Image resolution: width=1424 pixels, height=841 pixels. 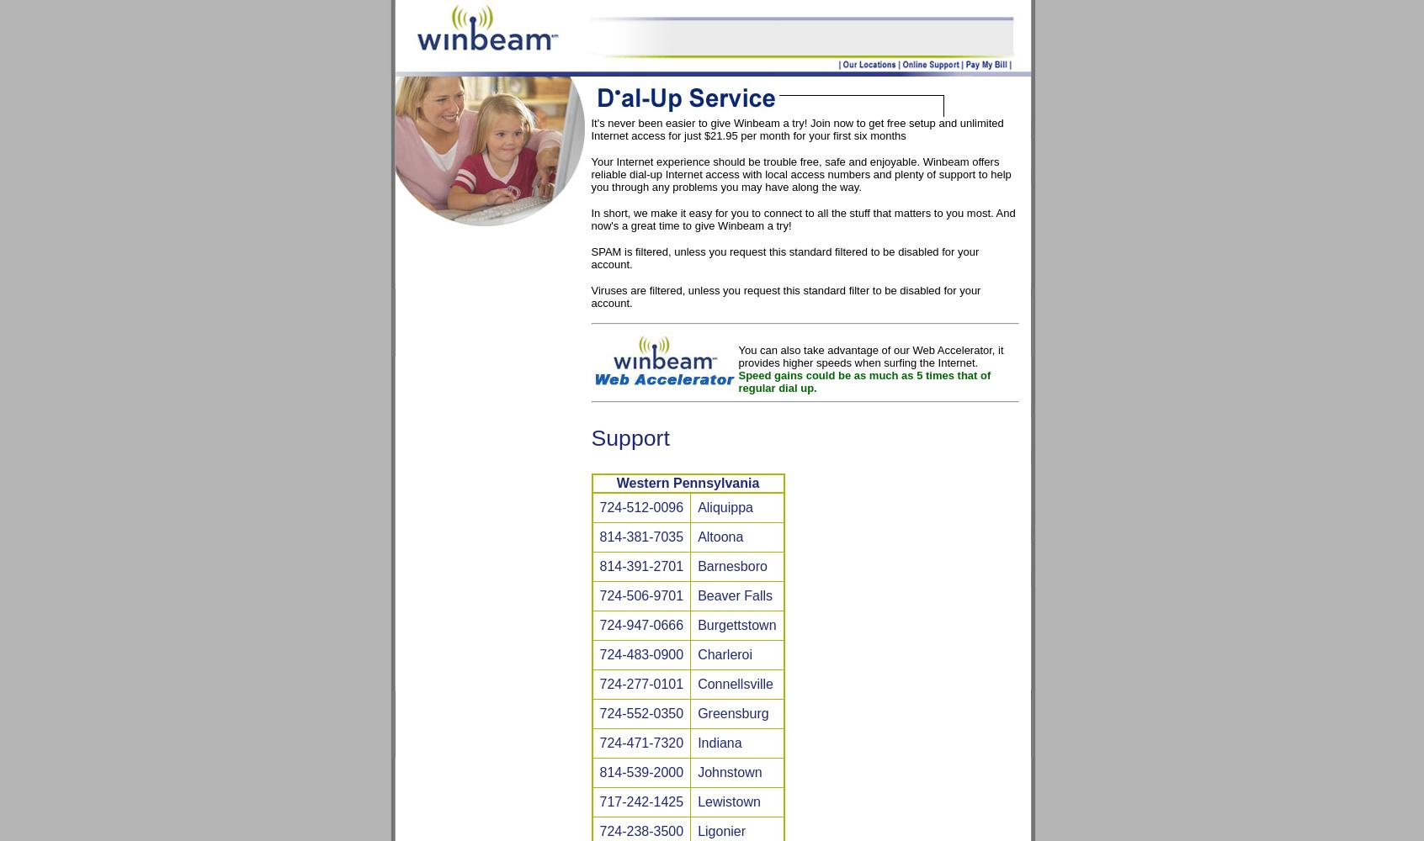 I want to click on 'Altoona', so click(x=719, y=537).